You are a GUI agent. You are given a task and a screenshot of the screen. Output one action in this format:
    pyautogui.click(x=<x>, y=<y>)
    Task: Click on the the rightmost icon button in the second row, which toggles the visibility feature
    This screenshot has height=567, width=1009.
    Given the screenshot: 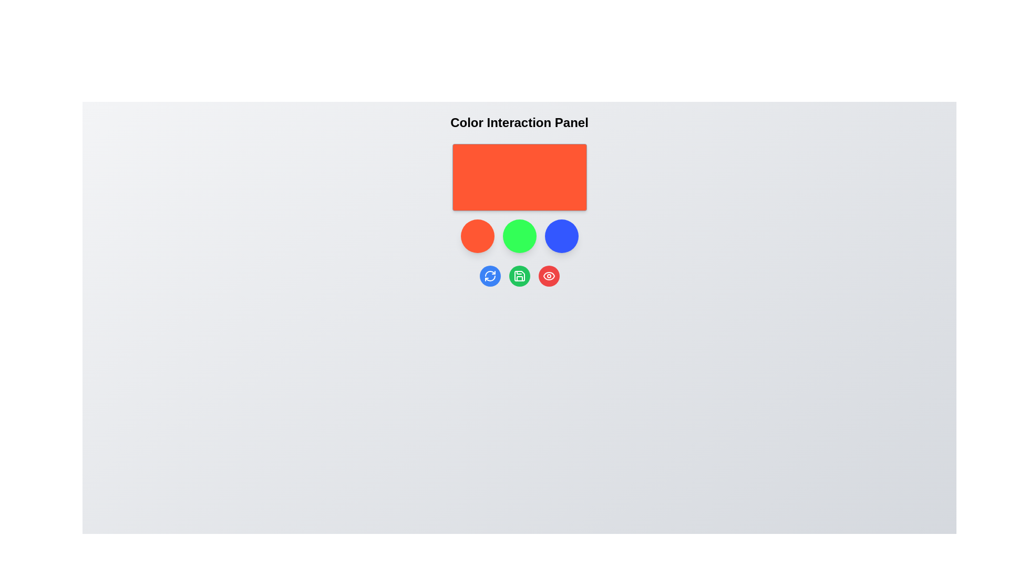 What is the action you would take?
    pyautogui.click(x=548, y=275)
    